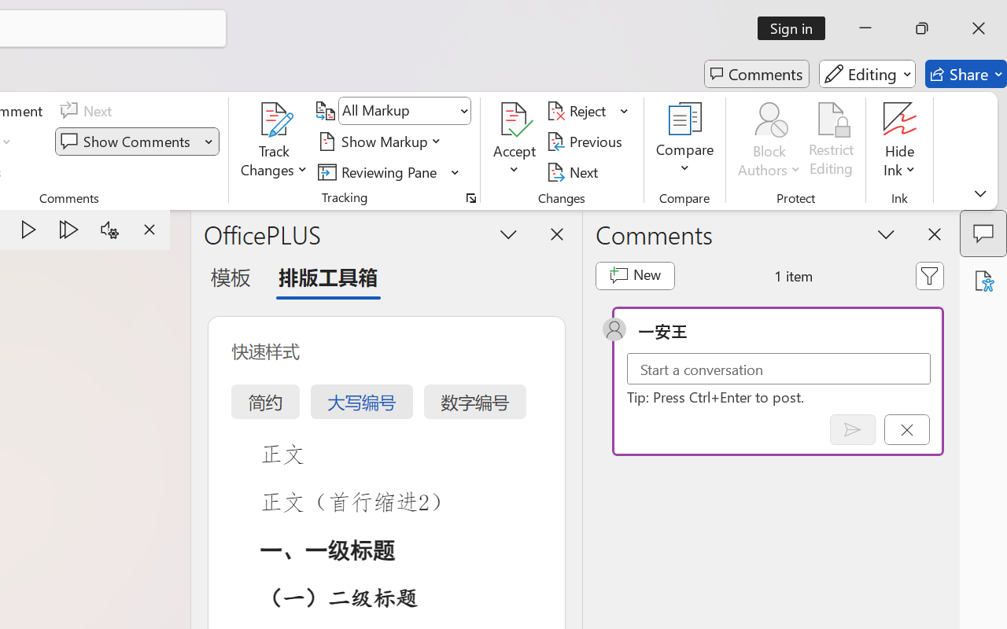 The height and width of the screenshot is (629, 1007). Describe the element at coordinates (275, 119) in the screenshot. I see `'Track Changes'` at that location.